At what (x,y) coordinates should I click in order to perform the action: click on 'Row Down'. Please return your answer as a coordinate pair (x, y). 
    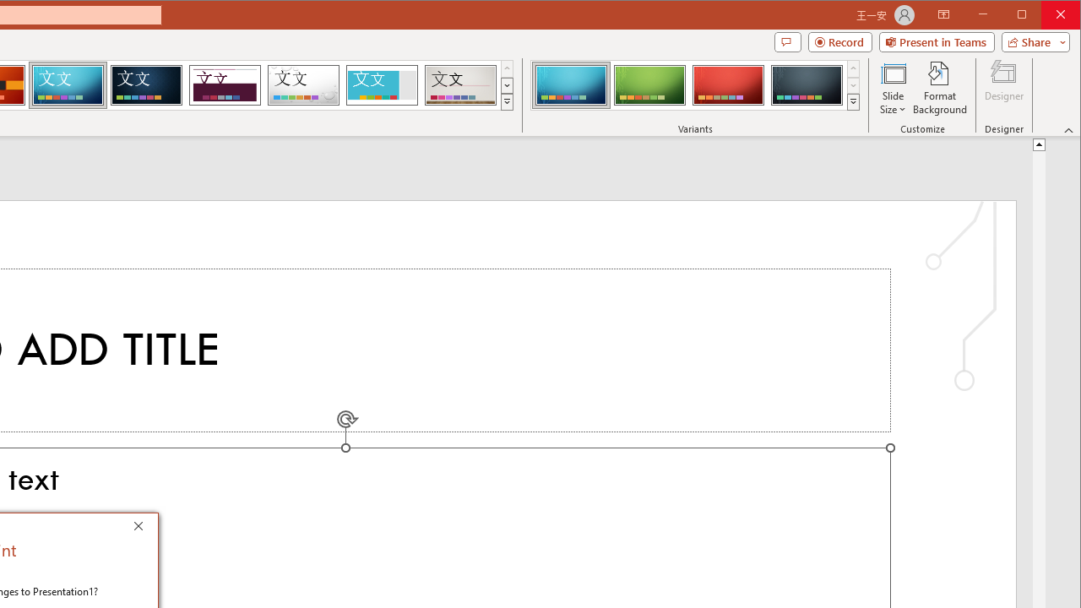
    Looking at the image, I should click on (853, 85).